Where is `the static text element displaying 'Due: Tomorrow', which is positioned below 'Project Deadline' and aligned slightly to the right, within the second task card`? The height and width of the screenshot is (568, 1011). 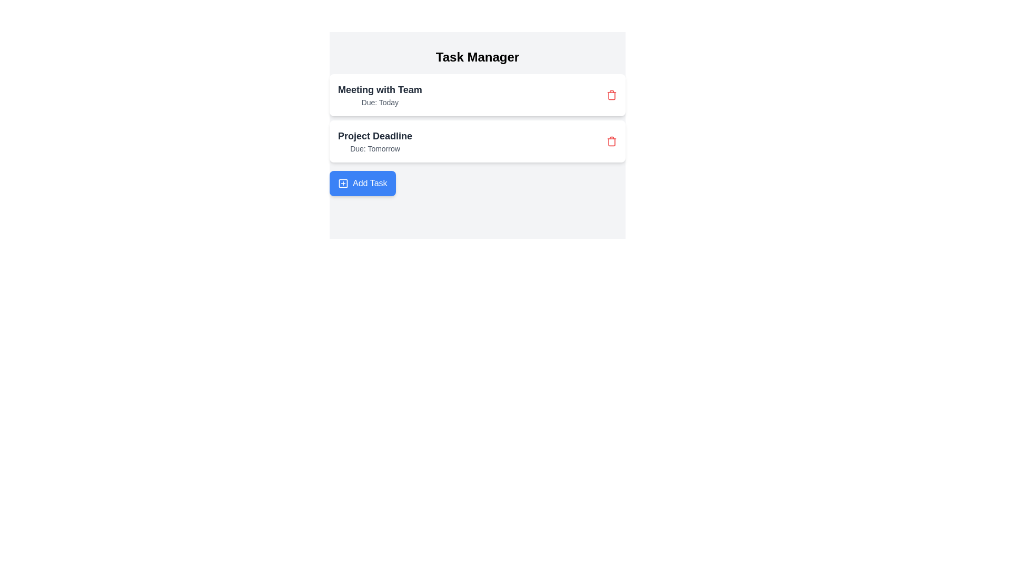 the static text element displaying 'Due: Tomorrow', which is positioned below 'Project Deadline' and aligned slightly to the right, within the second task card is located at coordinates (375, 148).